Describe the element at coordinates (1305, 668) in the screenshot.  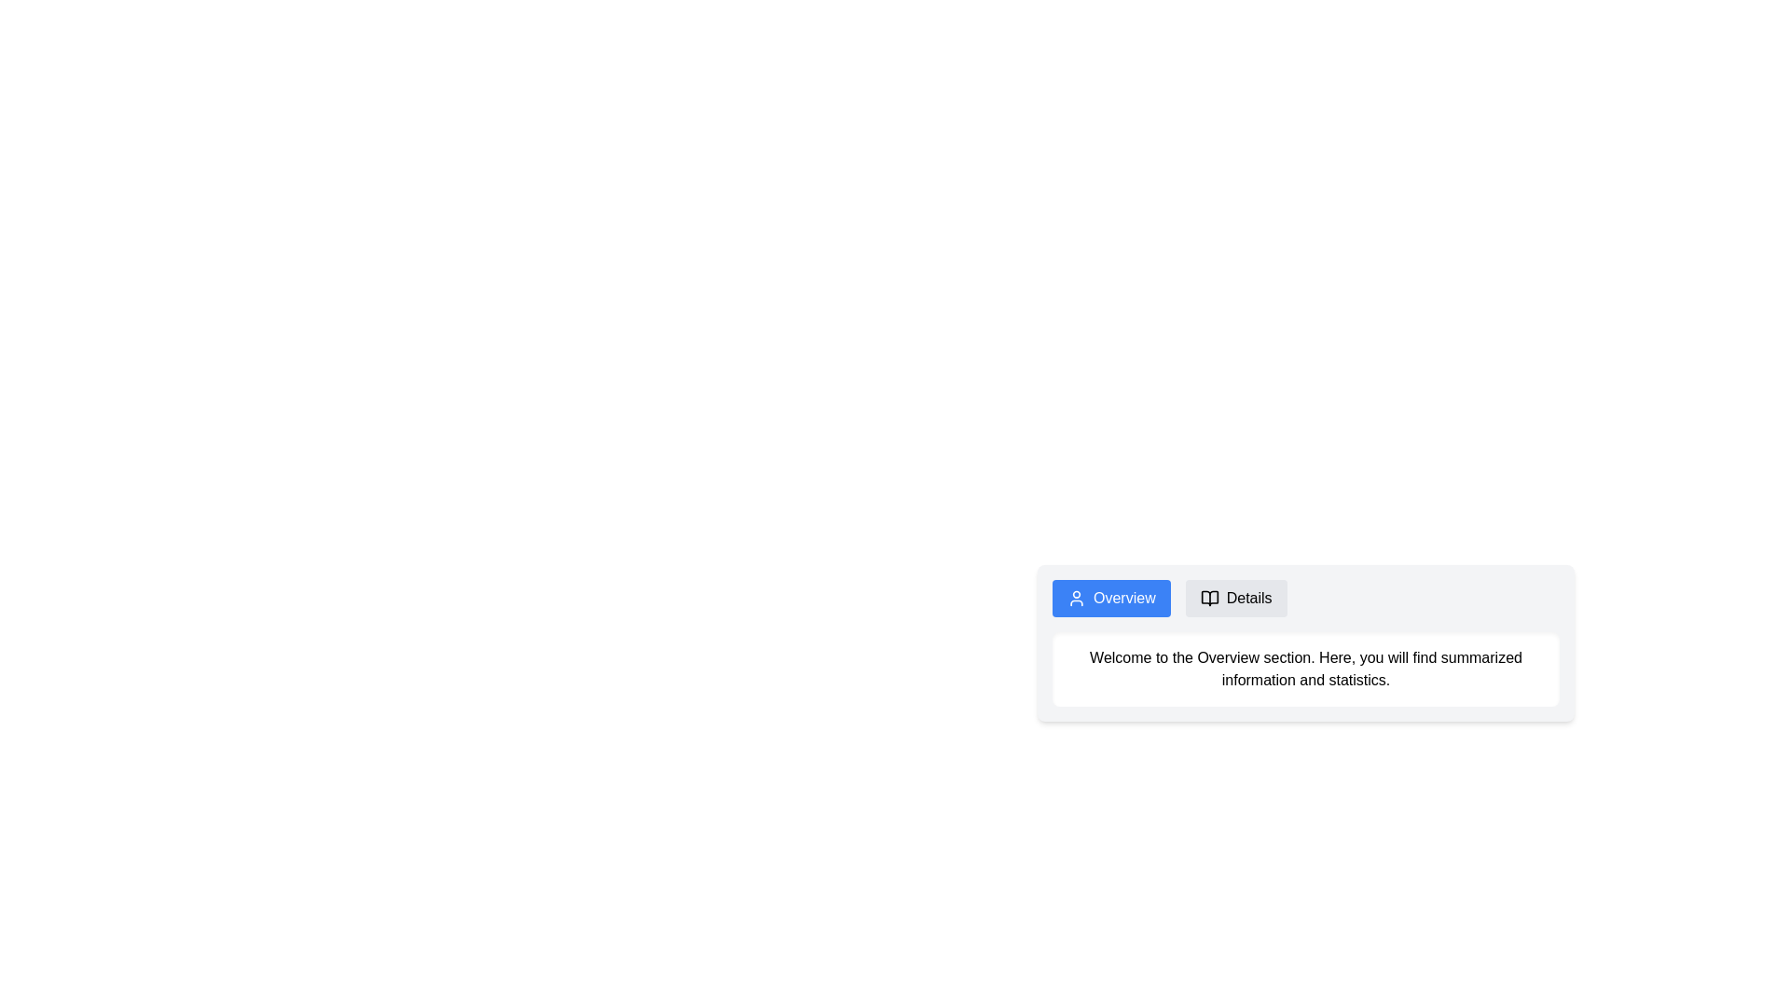
I see `the introductory text block that provides guidance for the 'Overview' section, which is positioned below the tab-like buttons labeled 'Overview' and 'Details'` at that location.